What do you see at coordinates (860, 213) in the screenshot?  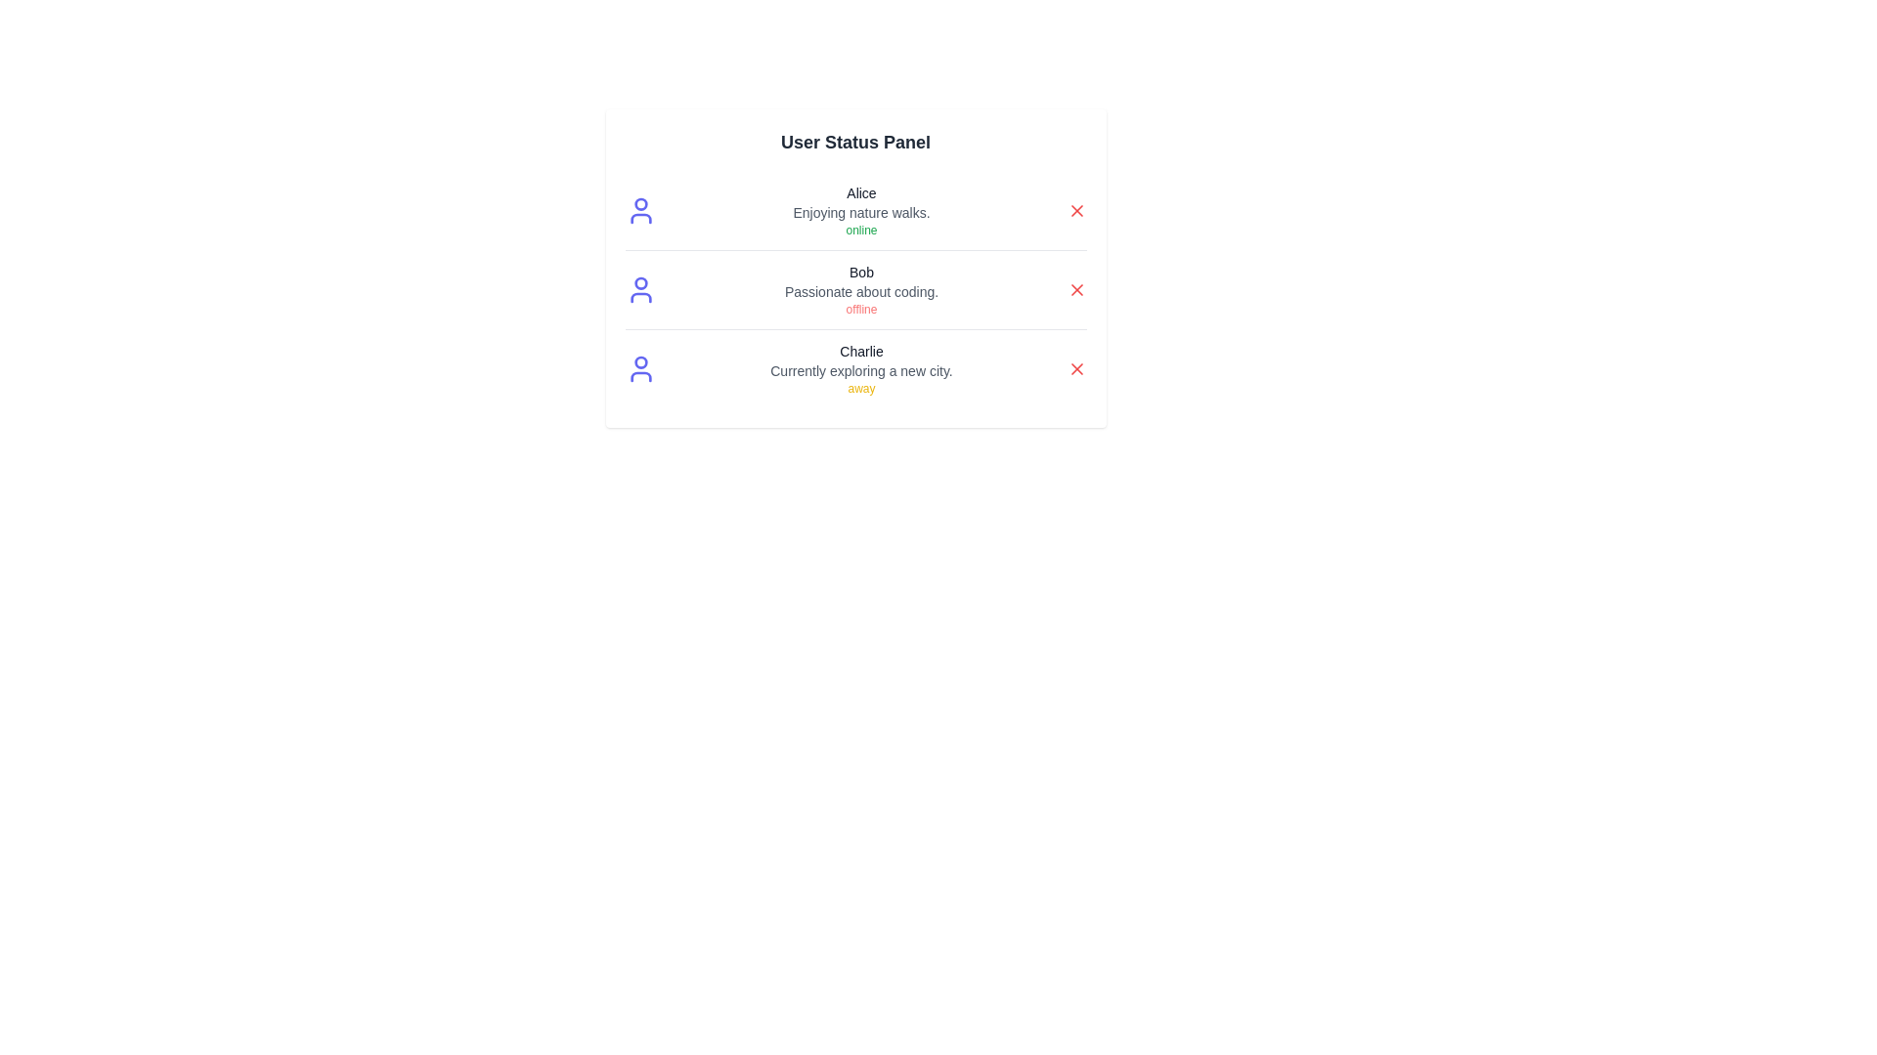 I see `the static text that represents a personal status update for the user 'Alice', located directly beneath 'Alice' and above 'online'` at bounding box center [860, 213].